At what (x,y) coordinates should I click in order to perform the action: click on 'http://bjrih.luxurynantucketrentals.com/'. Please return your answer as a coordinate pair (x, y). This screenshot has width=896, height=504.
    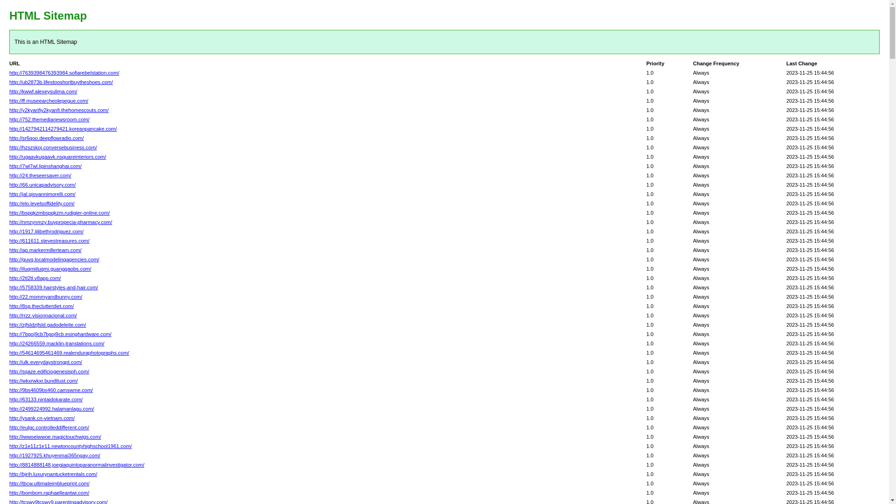
    Looking at the image, I should click on (53, 474).